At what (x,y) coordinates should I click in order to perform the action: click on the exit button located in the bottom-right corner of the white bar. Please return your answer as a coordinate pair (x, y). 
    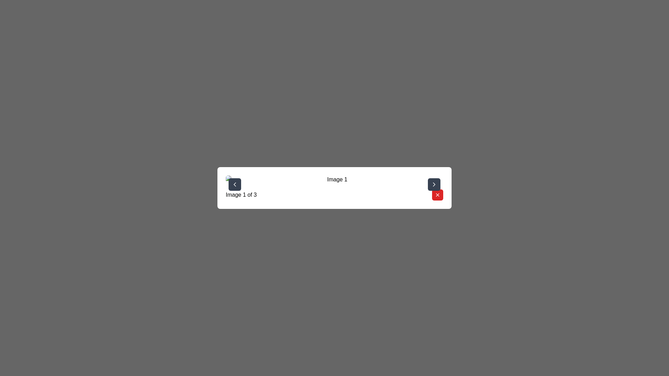
    Looking at the image, I should click on (437, 195).